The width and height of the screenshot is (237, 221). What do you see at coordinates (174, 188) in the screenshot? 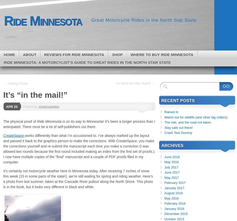
I see `'January 2017'` at bounding box center [174, 188].